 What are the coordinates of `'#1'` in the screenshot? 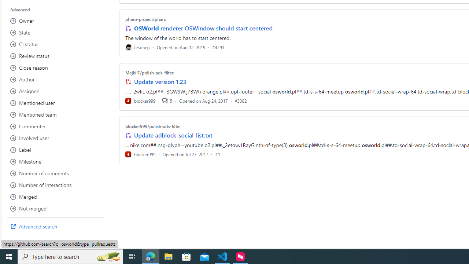 It's located at (217, 154).